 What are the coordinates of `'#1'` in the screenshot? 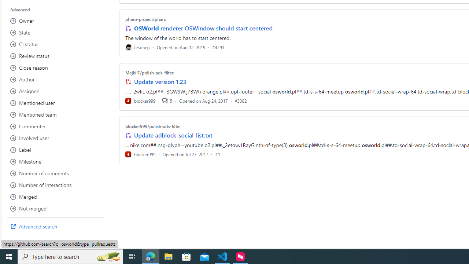 It's located at (217, 154).